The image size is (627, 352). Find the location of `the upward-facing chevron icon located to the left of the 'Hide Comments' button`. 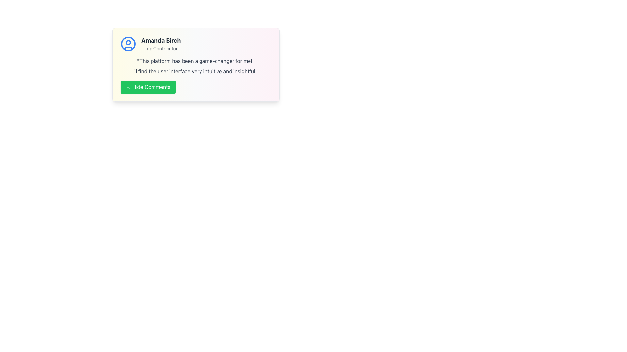

the upward-facing chevron icon located to the left of the 'Hide Comments' button is located at coordinates (128, 87).